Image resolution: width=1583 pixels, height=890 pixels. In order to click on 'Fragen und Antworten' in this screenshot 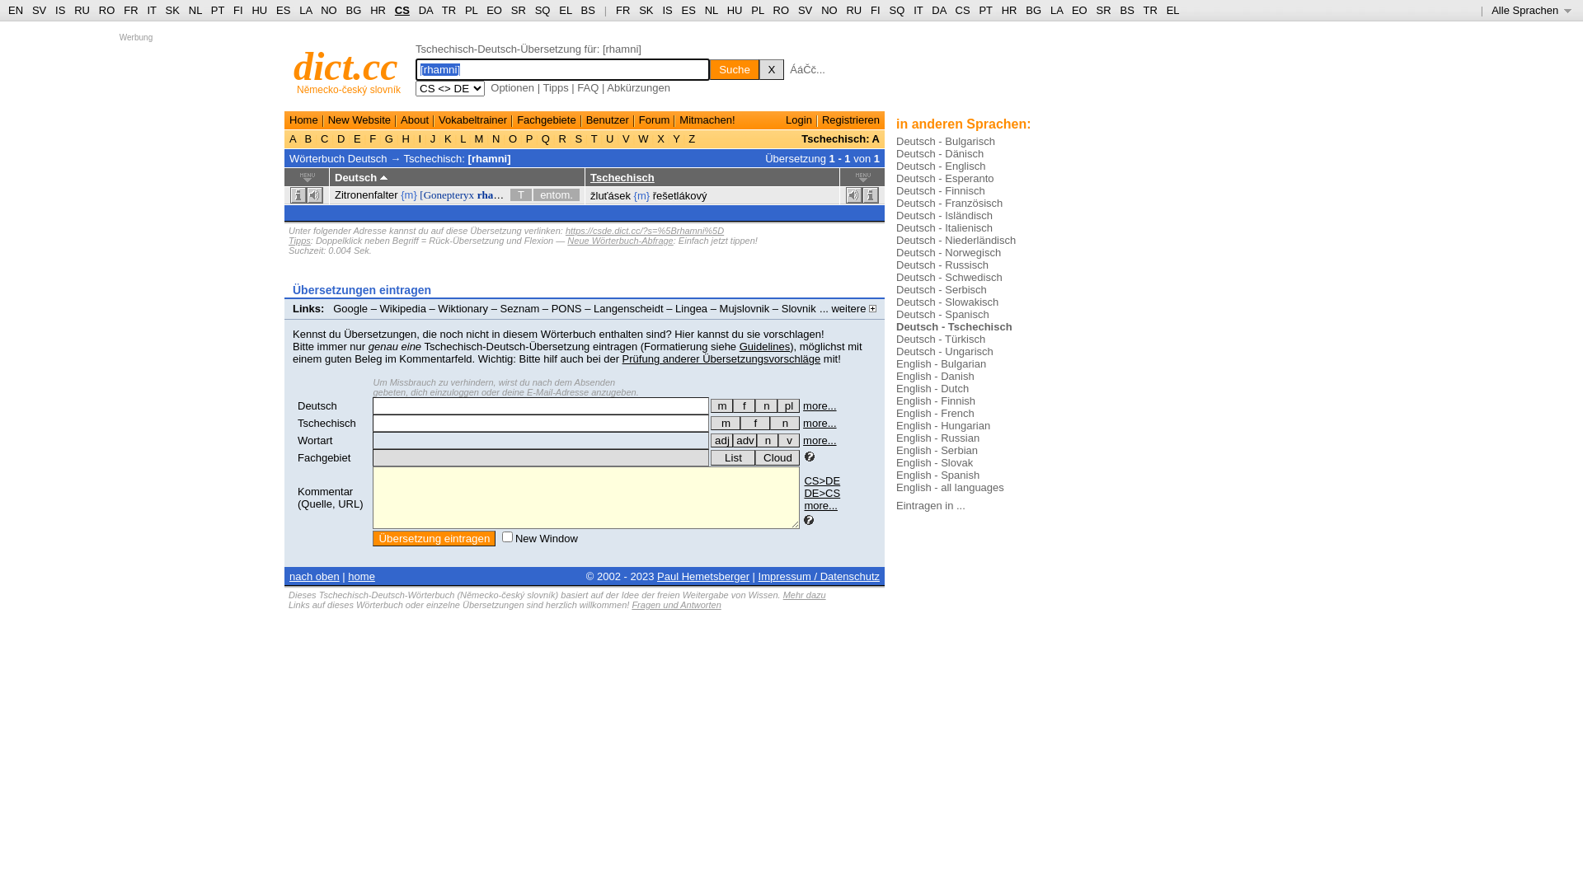, I will do `click(676, 604)`.